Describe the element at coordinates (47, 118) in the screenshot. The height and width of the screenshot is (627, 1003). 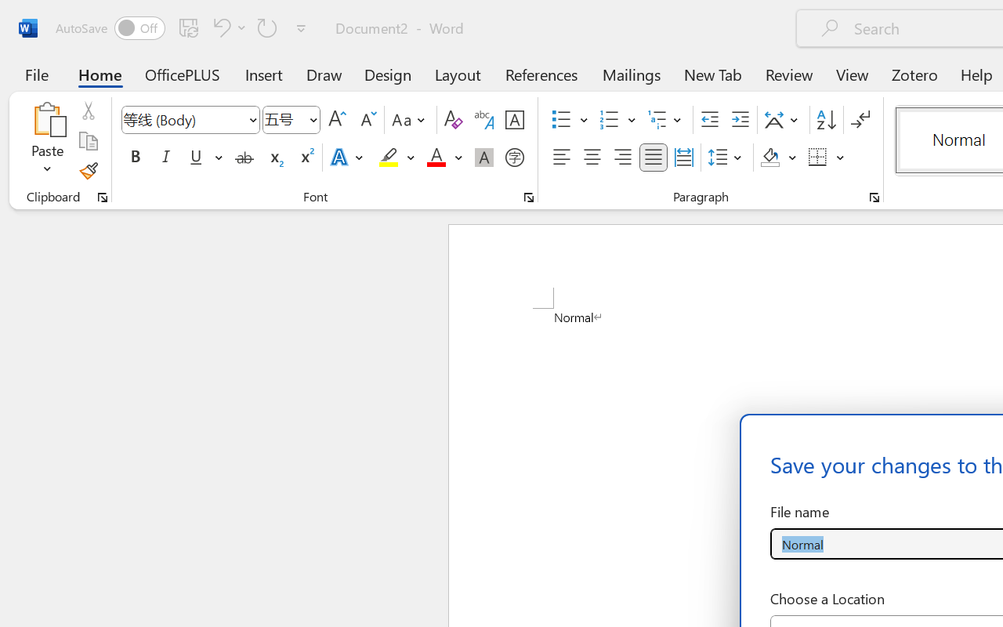
I see `'Paste'` at that location.